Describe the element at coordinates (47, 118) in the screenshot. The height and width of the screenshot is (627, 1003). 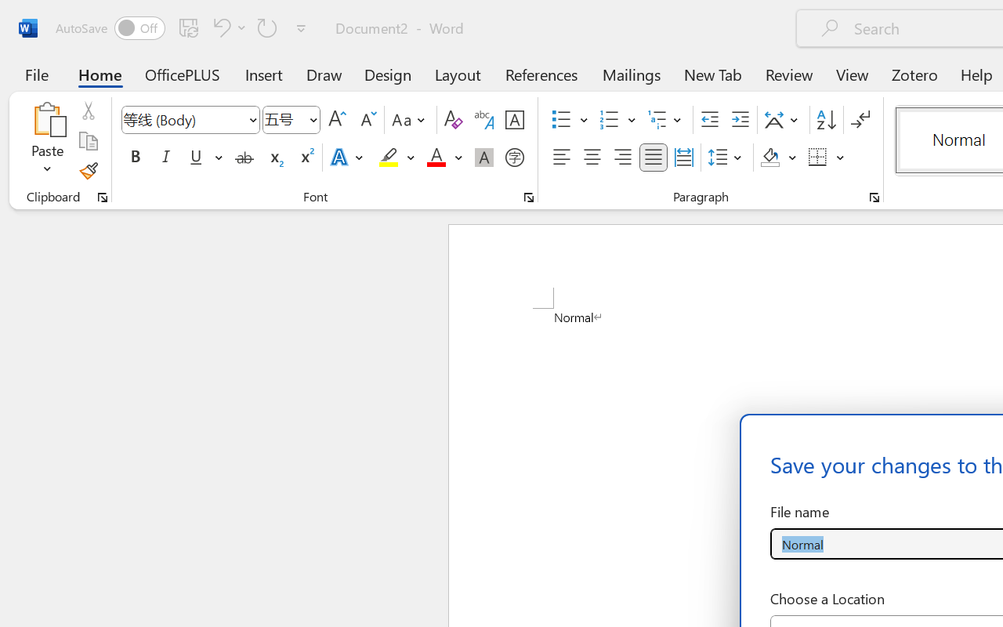
I see `'Paste'` at that location.